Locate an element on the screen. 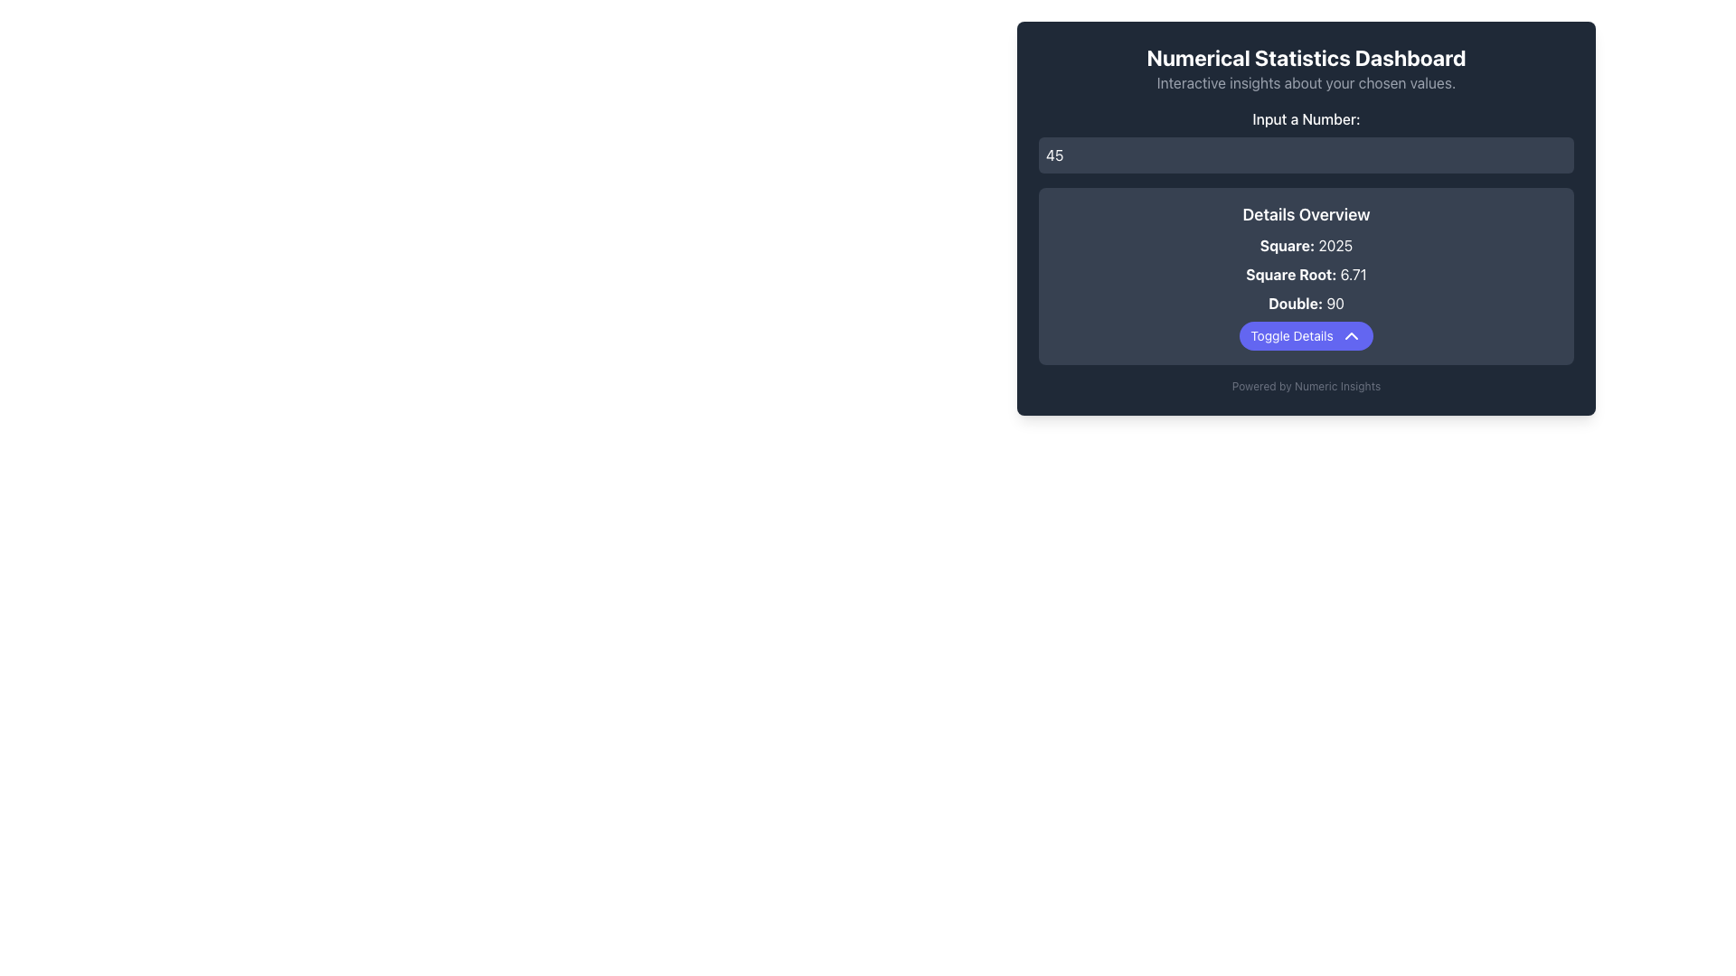 Image resolution: width=1736 pixels, height=976 pixels. the labeled input field for entering a numerical value, which has the label 'Input a Number:' above it, to focus on the input field is located at coordinates (1306, 139).